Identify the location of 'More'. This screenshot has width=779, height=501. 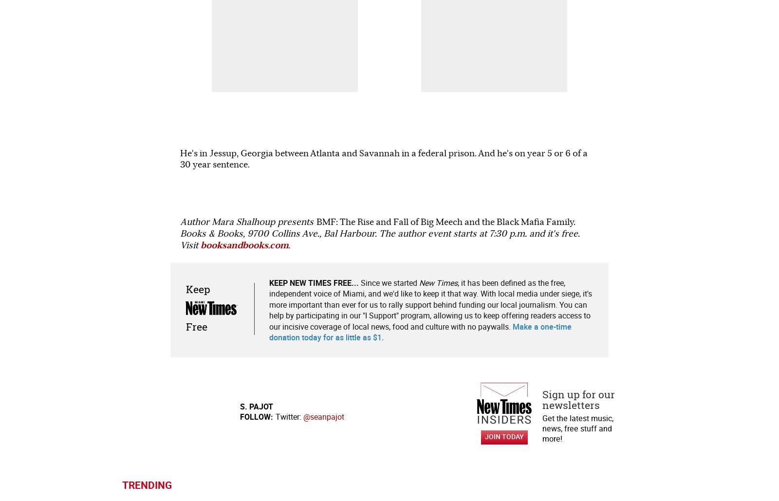
(441, 333).